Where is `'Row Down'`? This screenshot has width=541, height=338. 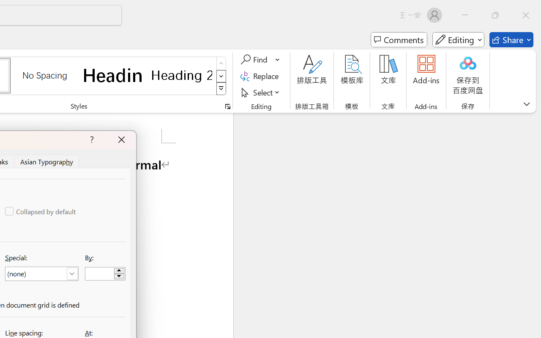 'Row Down' is located at coordinates (221, 76).